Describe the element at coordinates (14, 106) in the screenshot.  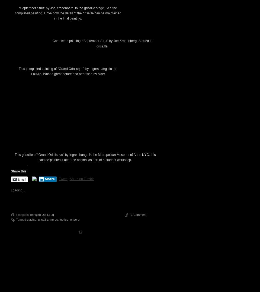
I see `'“September Strut” by Joe Kronenberg, in the grisaille stage. See the completed painting. I love how the detail of the grisaille can be maintained in the final painting.'` at that location.